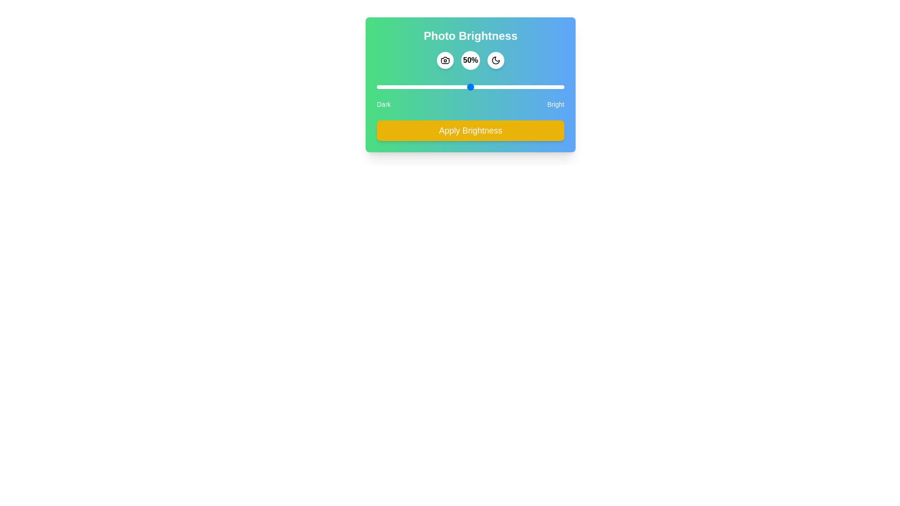  What do you see at coordinates (495, 60) in the screenshot?
I see `the moon icon to interact with it` at bounding box center [495, 60].